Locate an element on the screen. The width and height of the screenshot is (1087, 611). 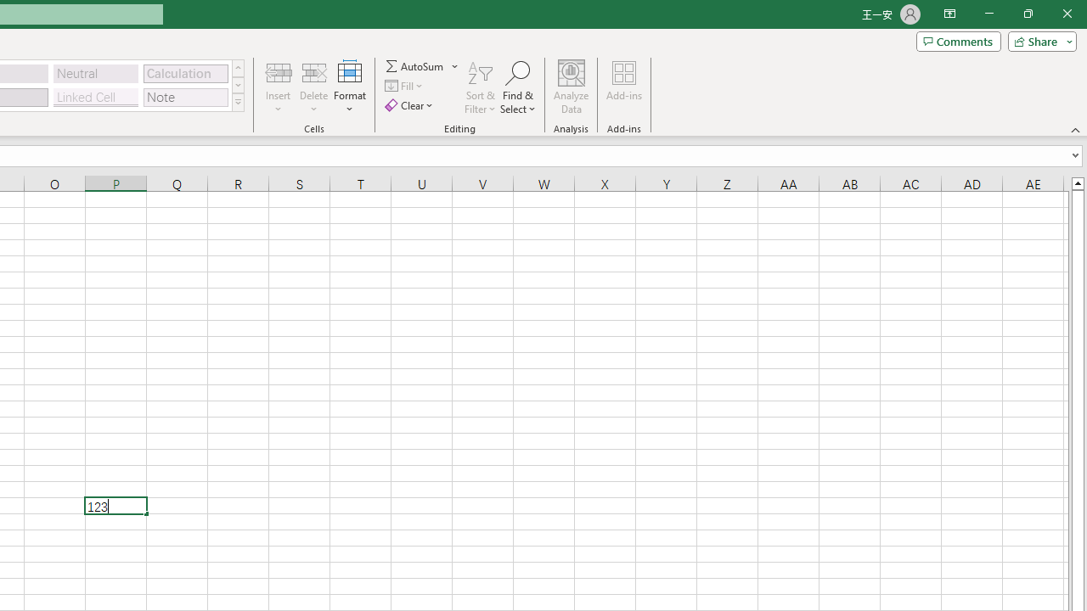
'Neutral' is located at coordinates (95, 72).